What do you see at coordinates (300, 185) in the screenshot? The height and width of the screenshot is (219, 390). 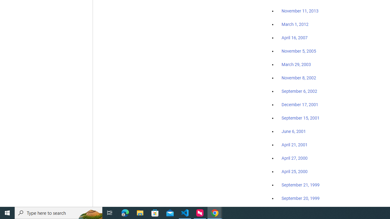 I see `'September 21, 1999'` at bounding box center [300, 185].